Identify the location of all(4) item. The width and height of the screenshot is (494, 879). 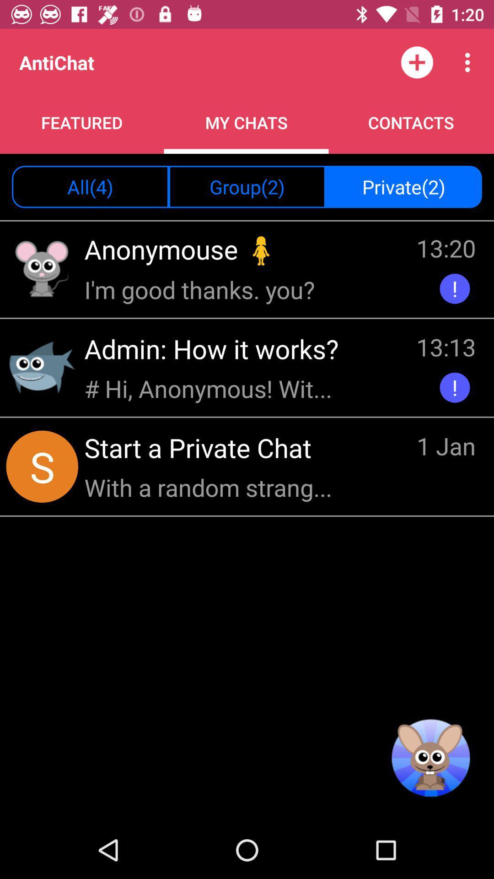
(90, 186).